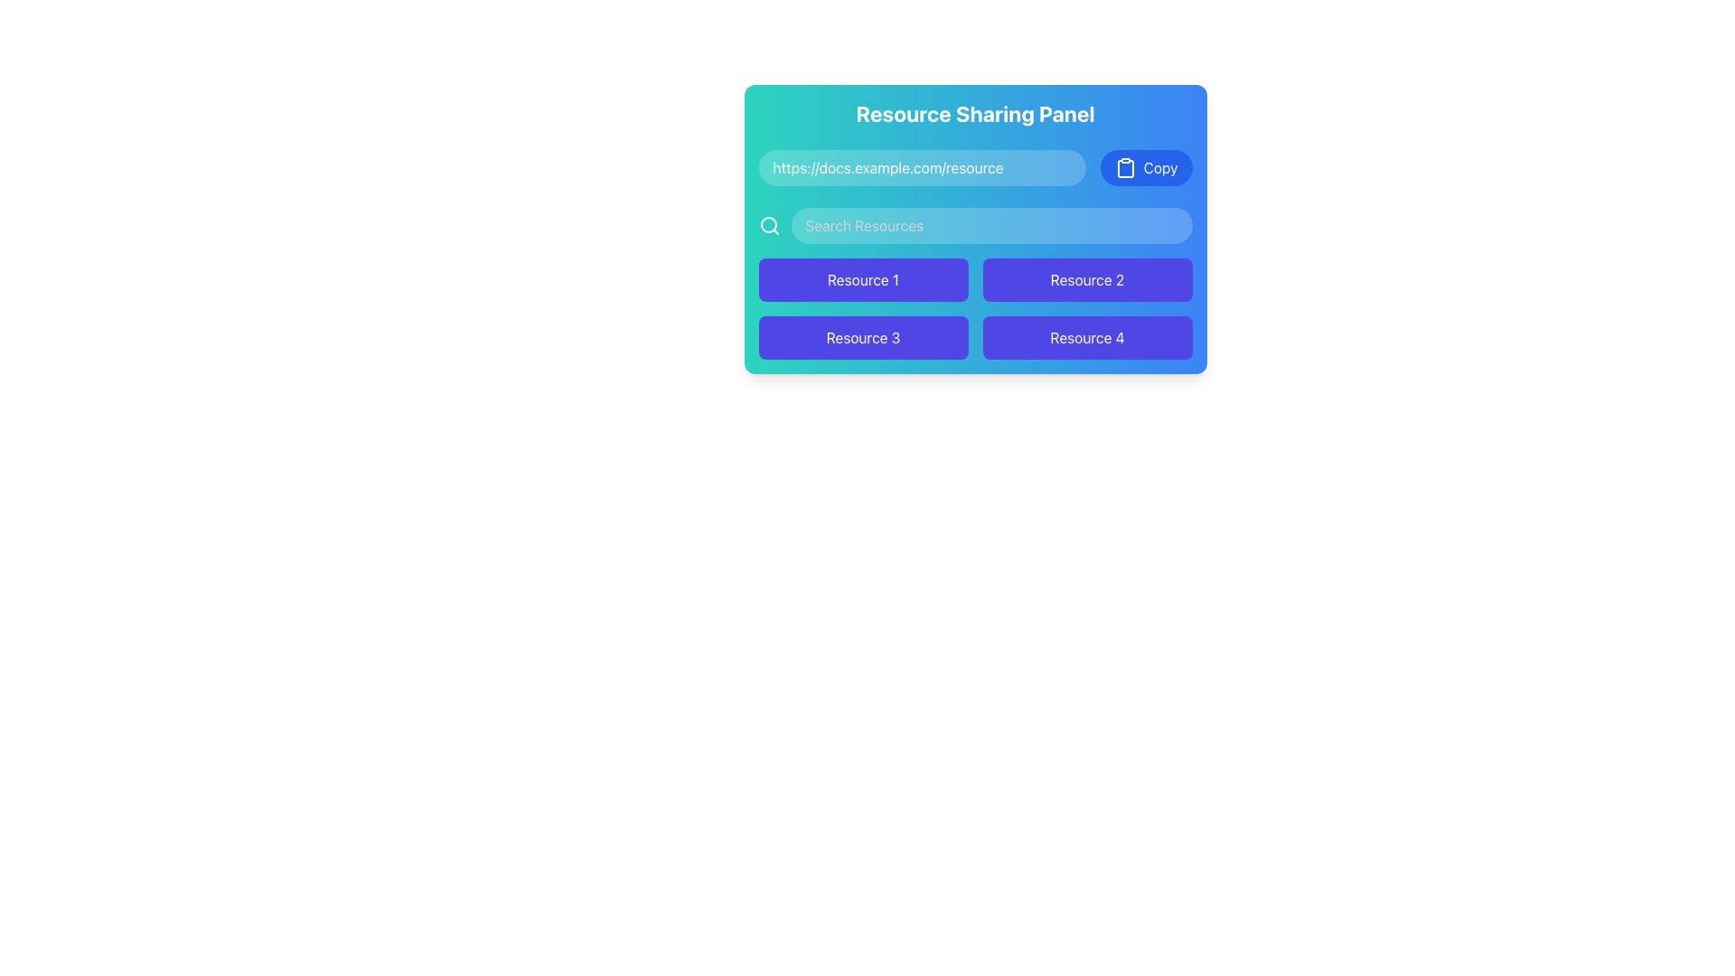 Image resolution: width=1735 pixels, height=976 pixels. What do you see at coordinates (1086, 338) in the screenshot?
I see `the rectangular button with rounded edges, purple background, and the text 'Resource 4' centered in white` at bounding box center [1086, 338].